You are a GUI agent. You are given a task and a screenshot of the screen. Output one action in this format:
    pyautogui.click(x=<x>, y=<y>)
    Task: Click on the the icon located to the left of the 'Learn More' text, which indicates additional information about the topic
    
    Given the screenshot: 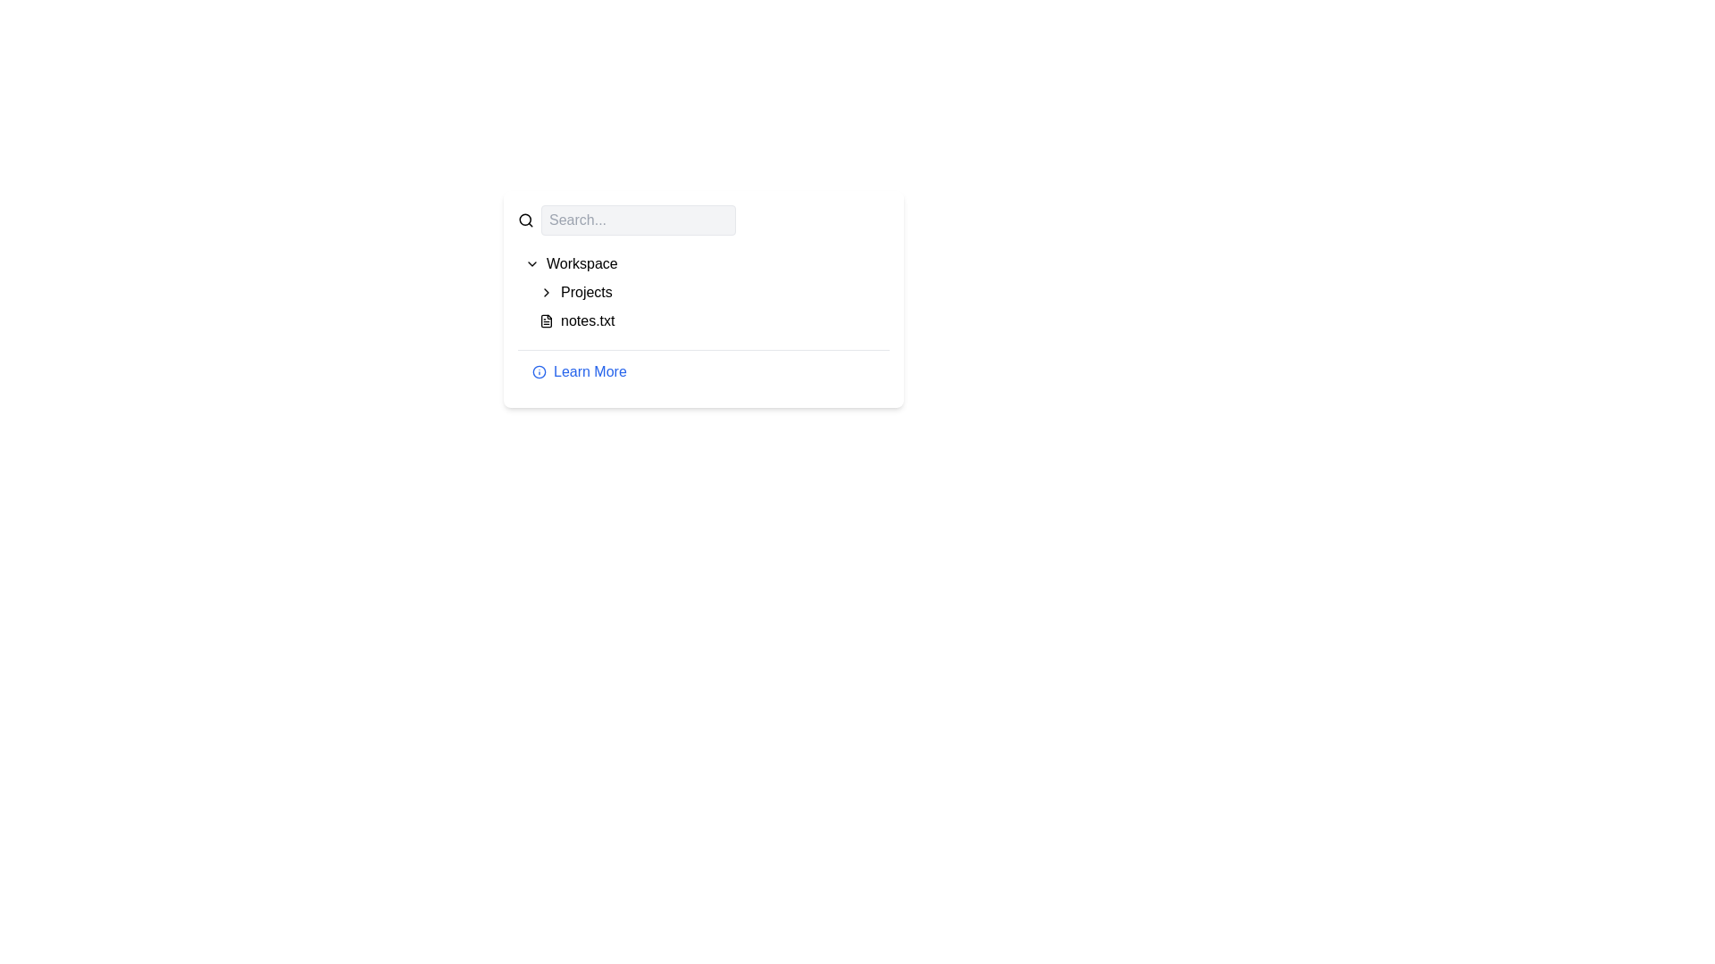 What is the action you would take?
    pyautogui.click(x=539, y=370)
    